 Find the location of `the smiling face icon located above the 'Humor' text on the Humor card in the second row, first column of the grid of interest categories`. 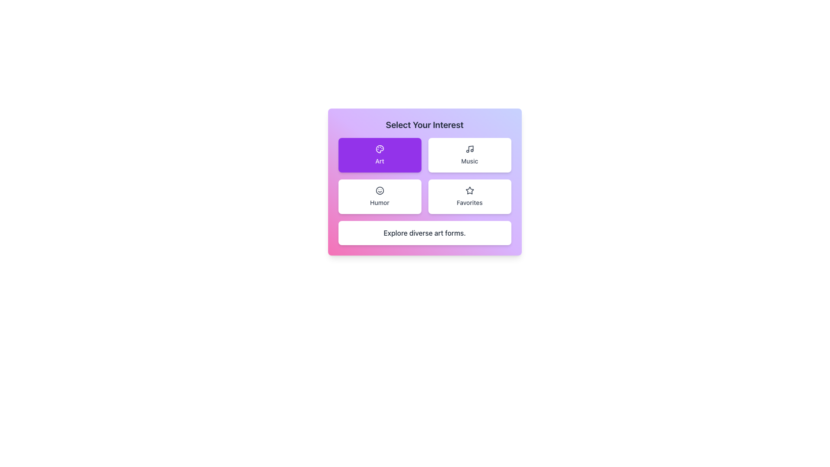

the smiling face icon located above the 'Humor' text on the Humor card in the second row, first column of the grid of interest categories is located at coordinates (380, 190).